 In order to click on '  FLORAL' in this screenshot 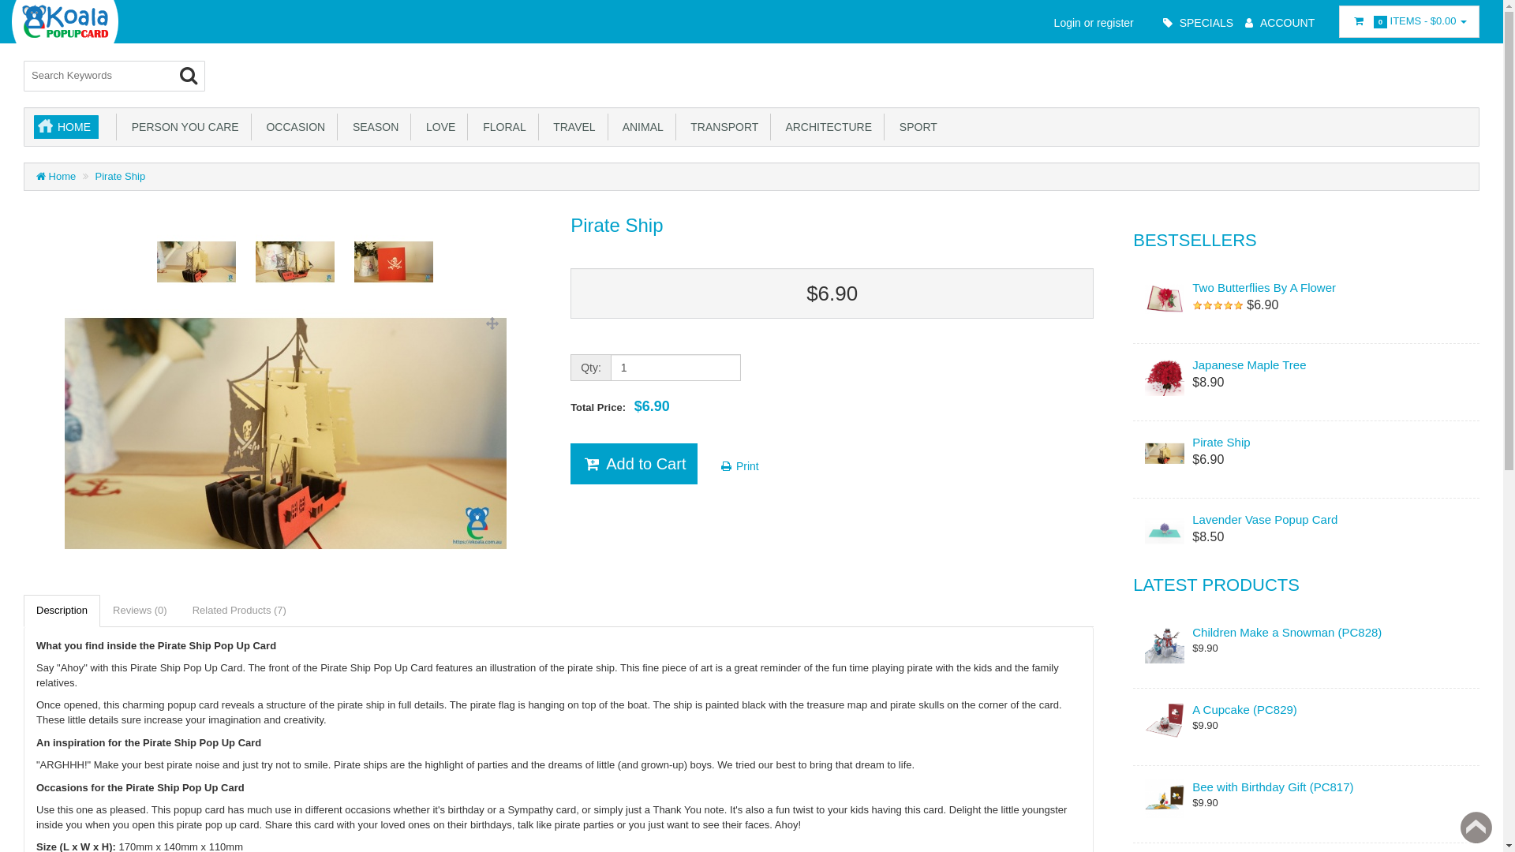, I will do `click(502, 126)`.